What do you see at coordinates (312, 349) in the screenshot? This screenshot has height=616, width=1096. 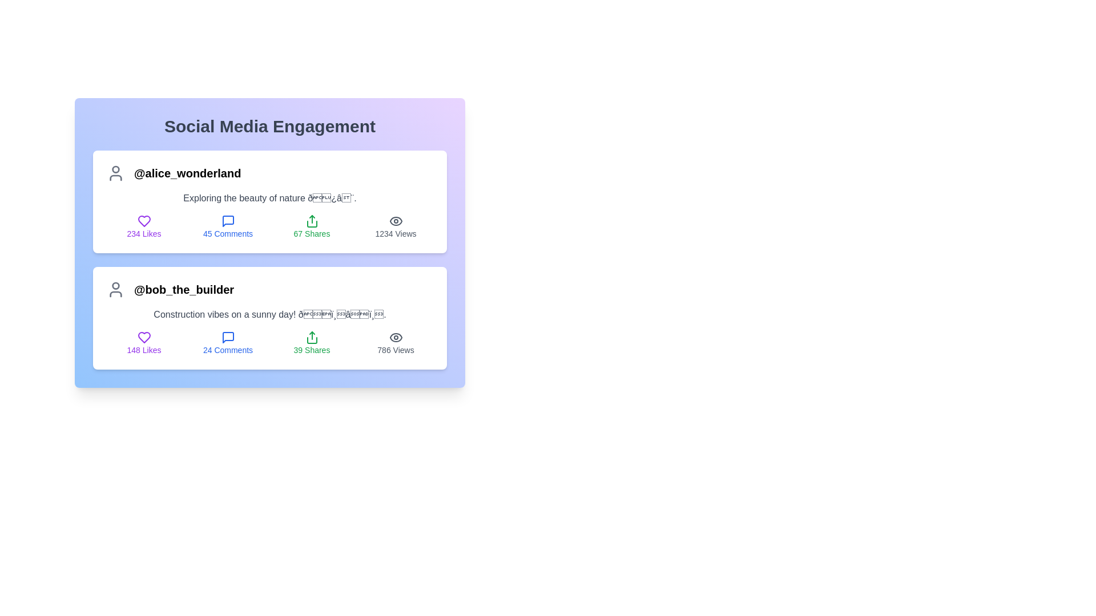 I see `the text label '39 Shares' located in the lower right segment of the second post, which is styled with a green color scheme and is positioned near '24 Comments' and 'Views'` at bounding box center [312, 349].